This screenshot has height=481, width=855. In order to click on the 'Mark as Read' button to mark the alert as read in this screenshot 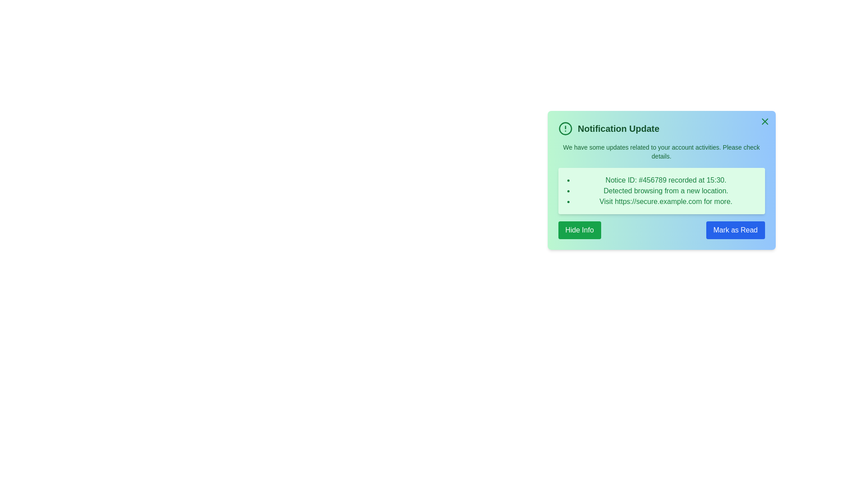, I will do `click(735, 229)`.